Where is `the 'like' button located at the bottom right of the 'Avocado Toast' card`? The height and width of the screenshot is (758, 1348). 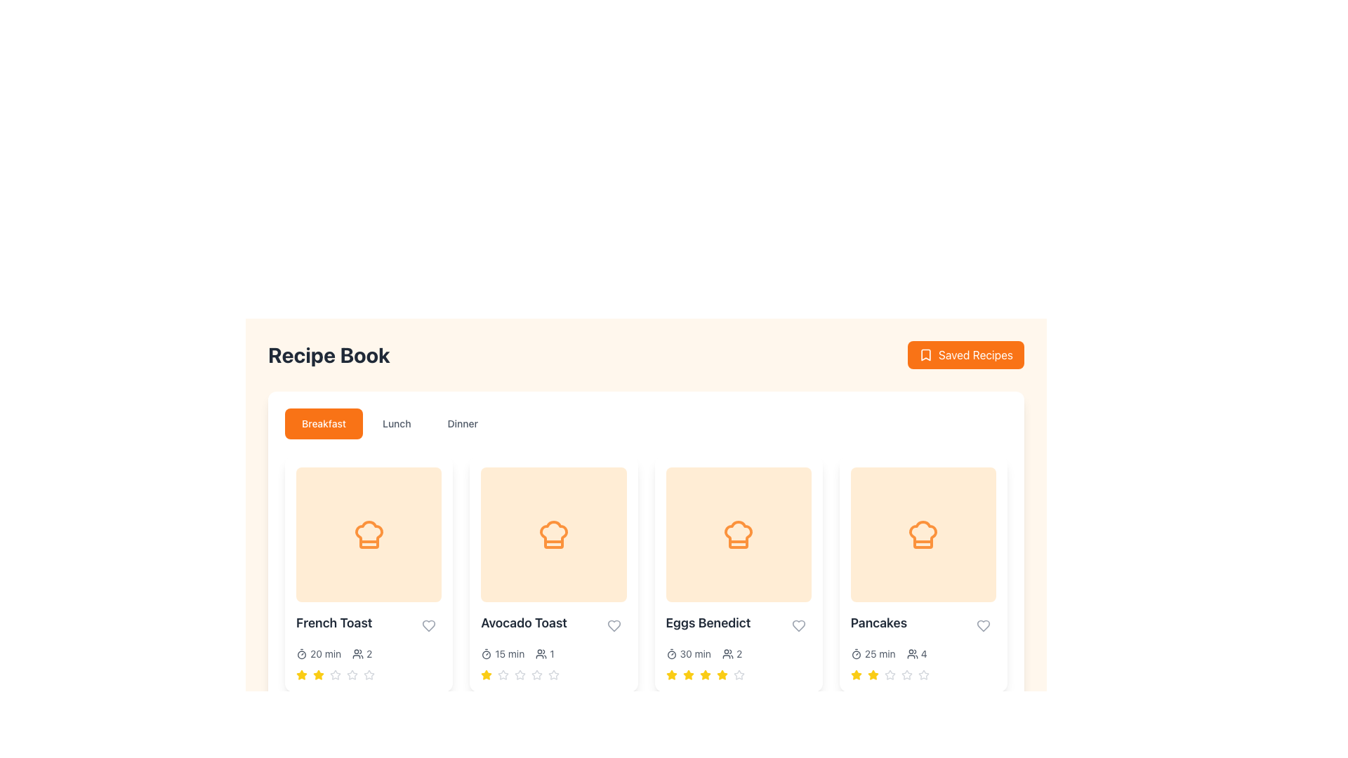
the 'like' button located at the bottom right of the 'Avocado Toast' card is located at coordinates (614, 625).